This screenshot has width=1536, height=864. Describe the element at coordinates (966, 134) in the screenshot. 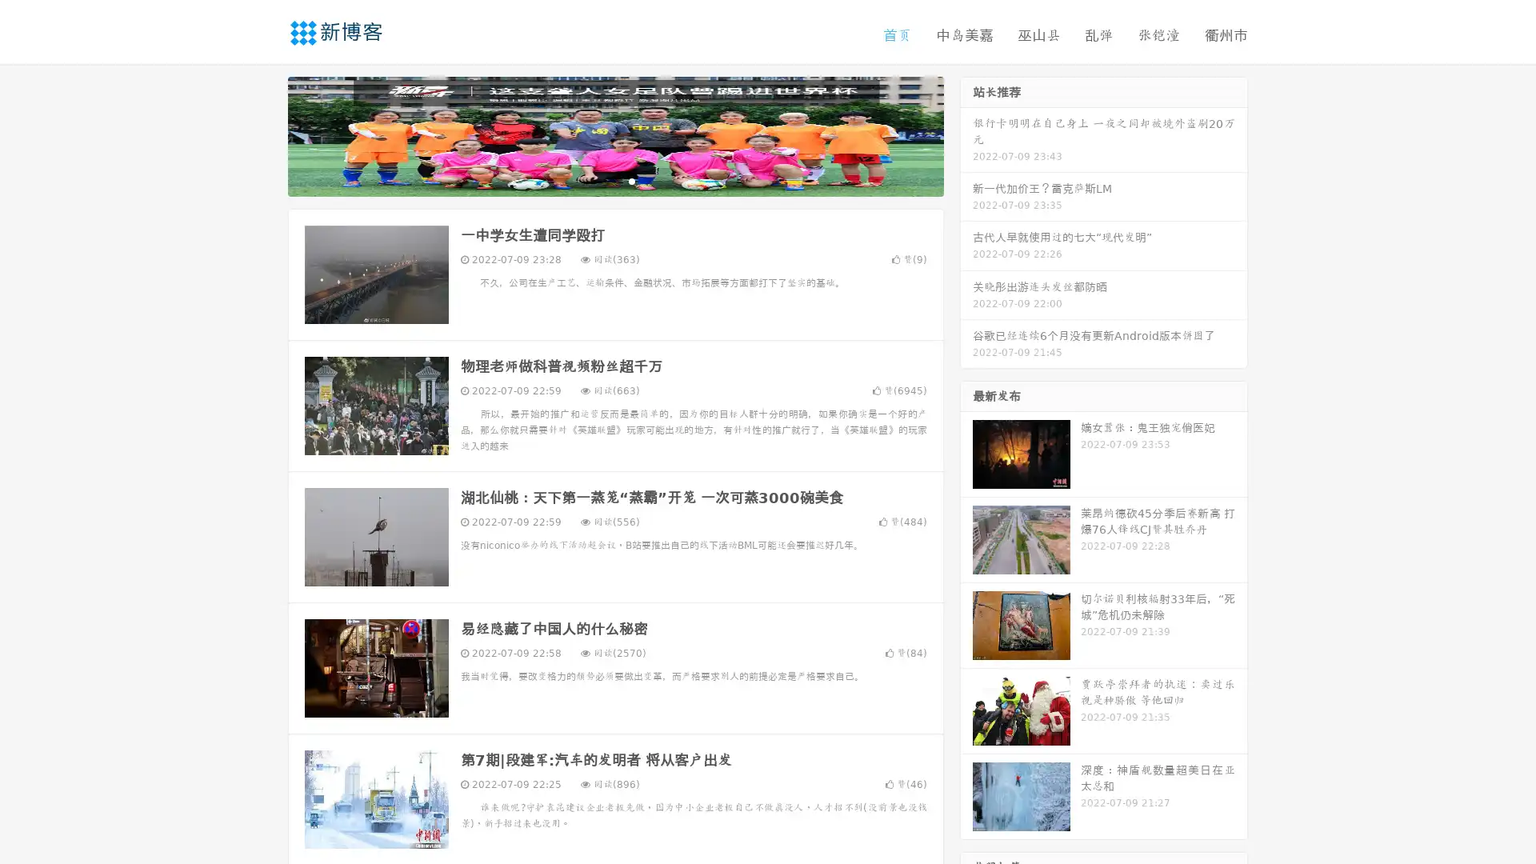

I see `Next slide` at that location.